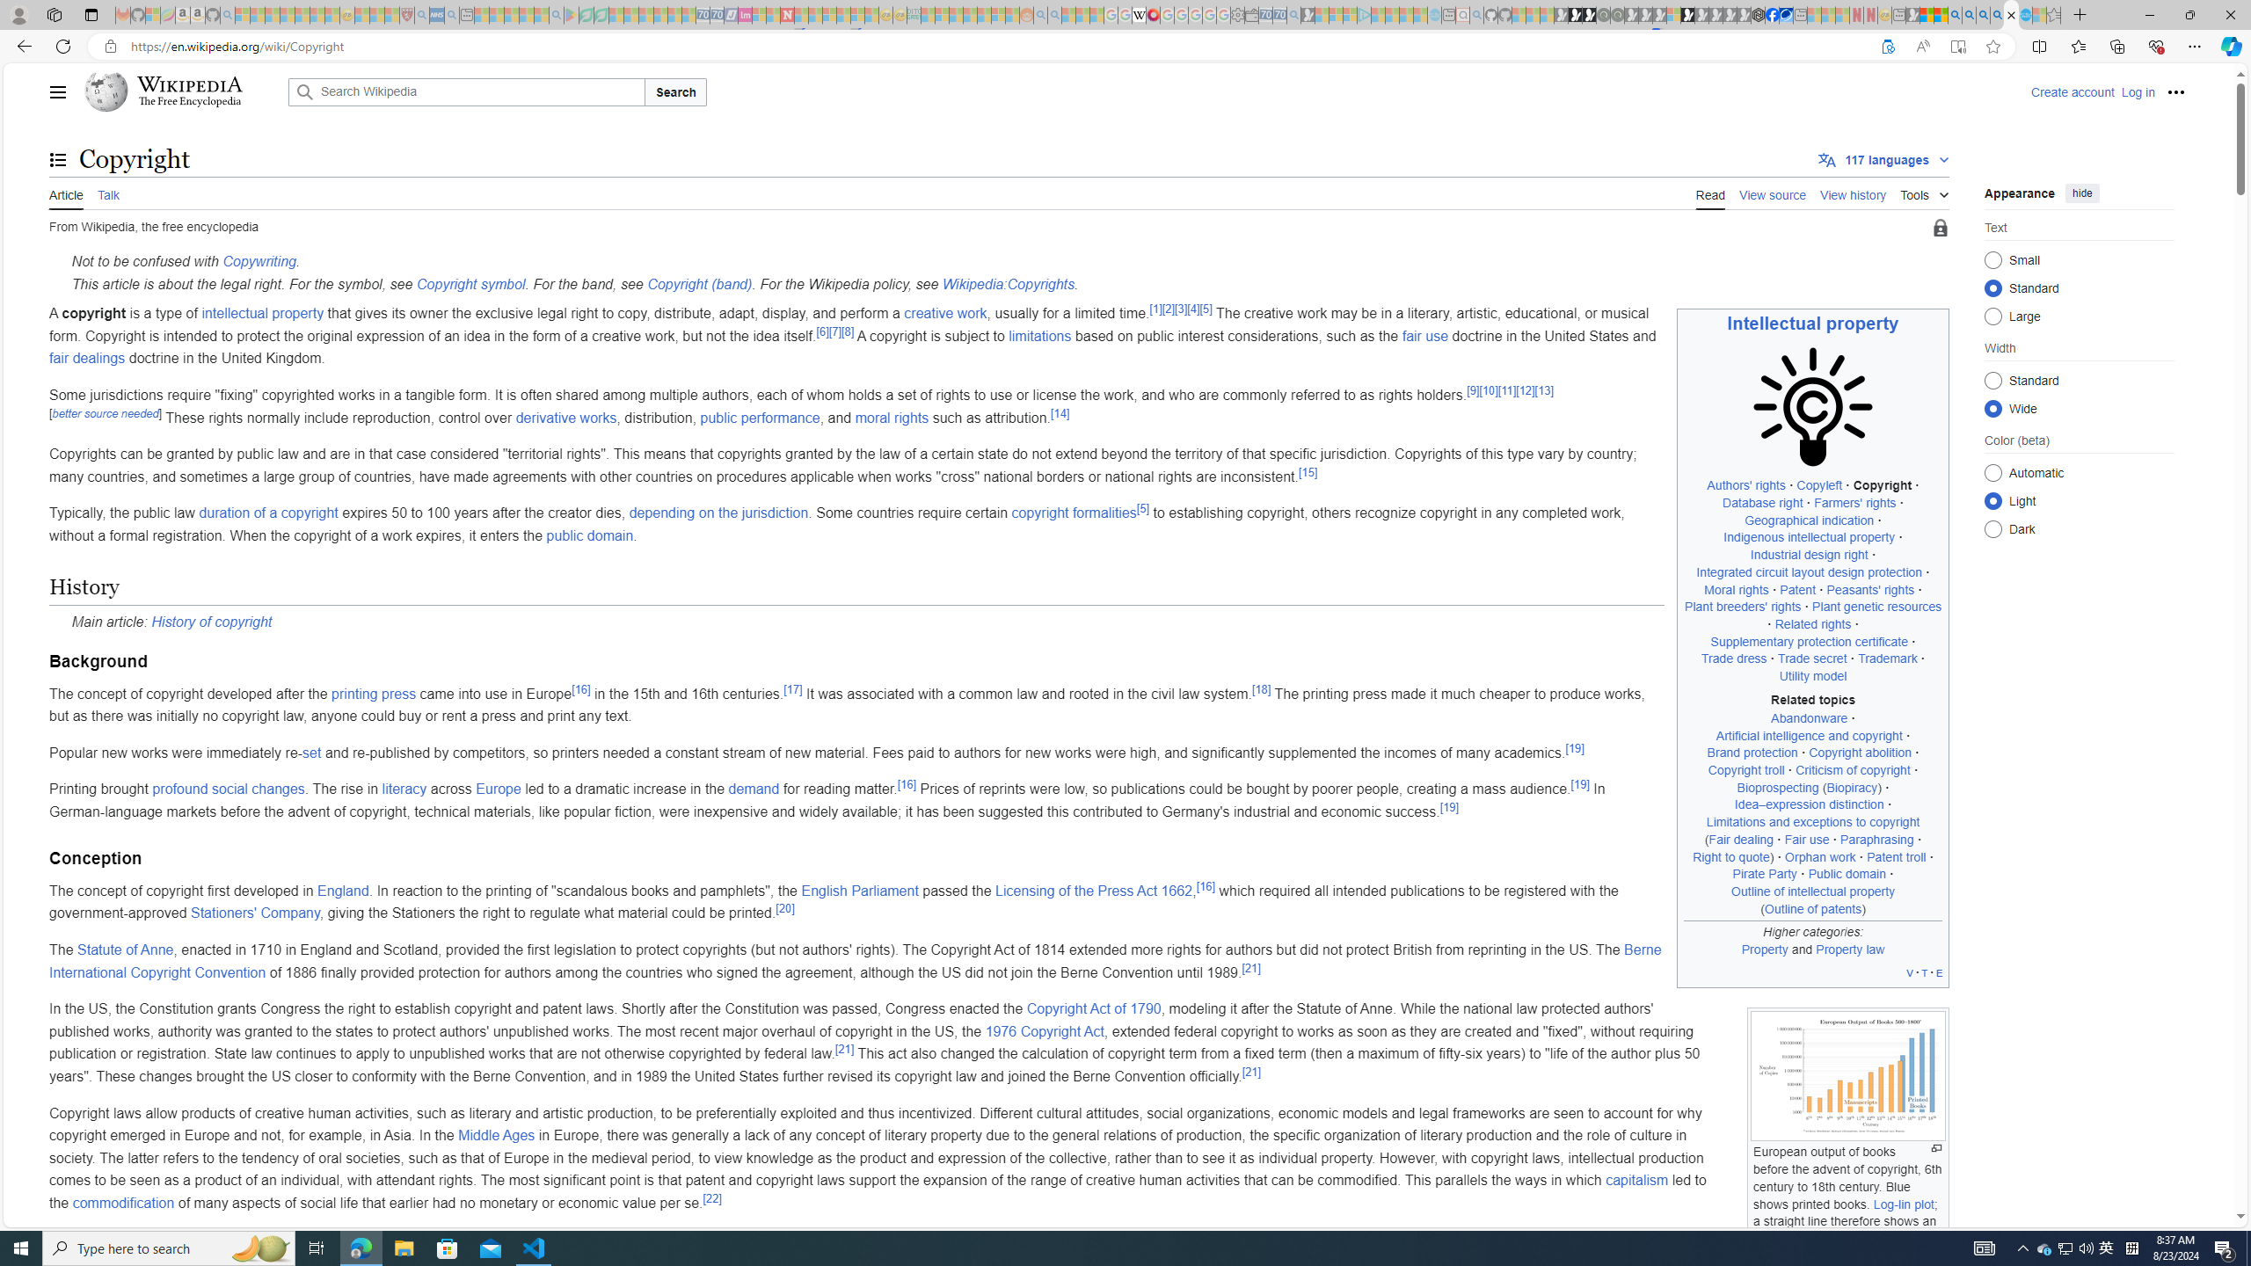 The width and height of the screenshot is (2251, 1266). I want to click on 'Small', so click(1992, 258).